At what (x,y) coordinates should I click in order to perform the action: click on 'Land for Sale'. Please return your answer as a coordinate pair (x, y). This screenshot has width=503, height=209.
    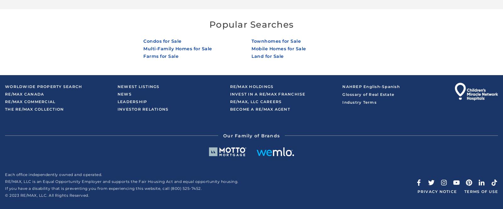
    Looking at the image, I should click on (251, 56).